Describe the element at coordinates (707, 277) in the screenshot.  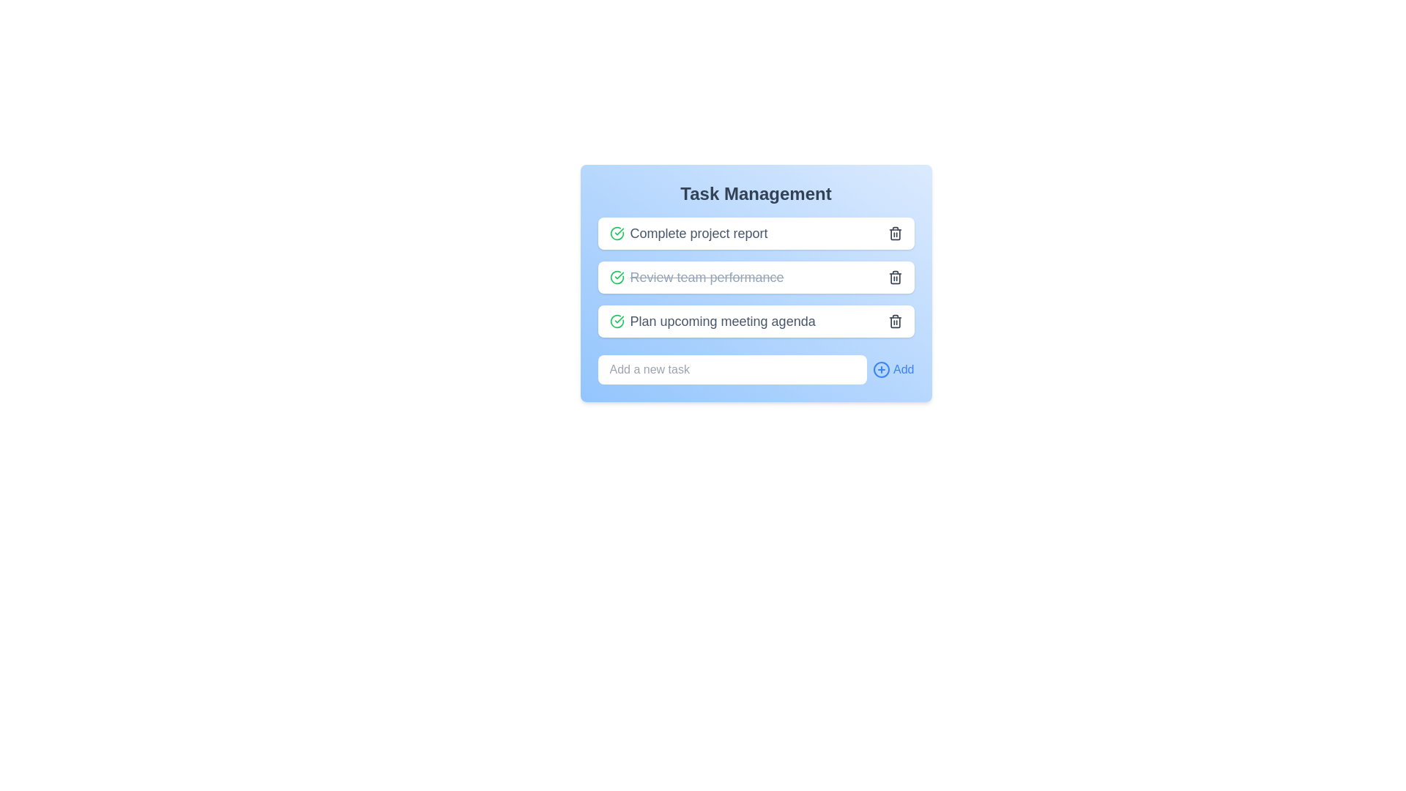
I see `the static text label representing a completed task description, which is marked with a strikethrough in the task management system` at that location.